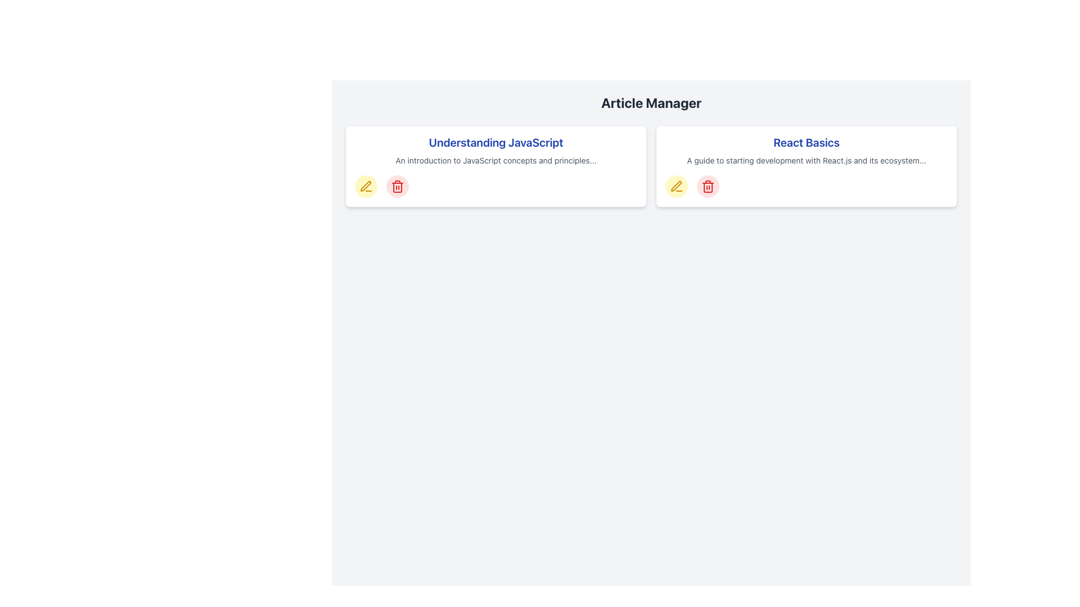 Image resolution: width=1080 pixels, height=607 pixels. Describe the element at coordinates (707, 185) in the screenshot. I see `the trash can icon button located to the right of the yellow pencil icon` at that location.